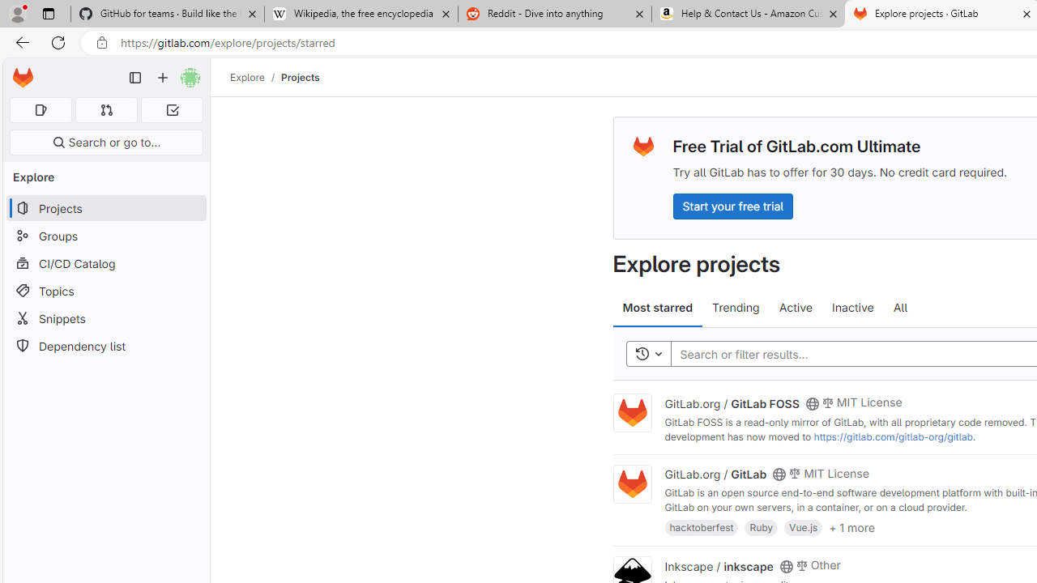 The width and height of the screenshot is (1037, 583). Describe the element at coordinates (554, 14) in the screenshot. I see `'Reddit - Dive into anything'` at that location.